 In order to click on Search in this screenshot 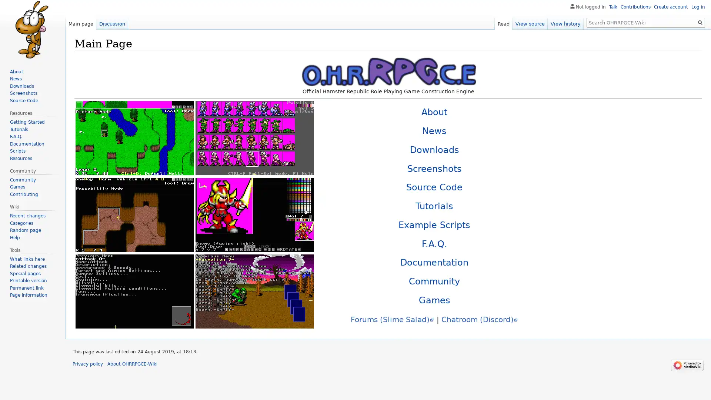, I will do `click(700, 22)`.